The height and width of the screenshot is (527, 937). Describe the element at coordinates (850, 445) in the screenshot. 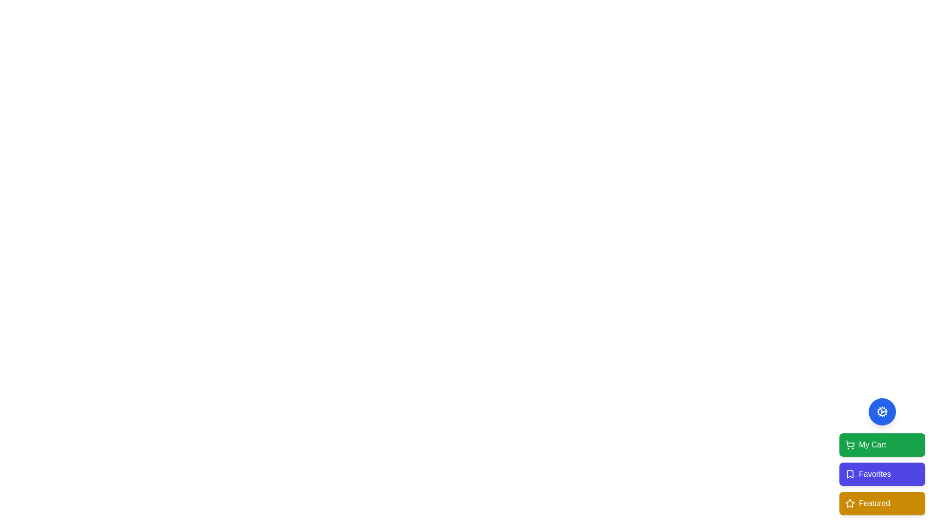

I see `the shopping cart icon, which is a wireframe-style design located within the green button labeled 'My Cart' on the left side of the interface` at that location.